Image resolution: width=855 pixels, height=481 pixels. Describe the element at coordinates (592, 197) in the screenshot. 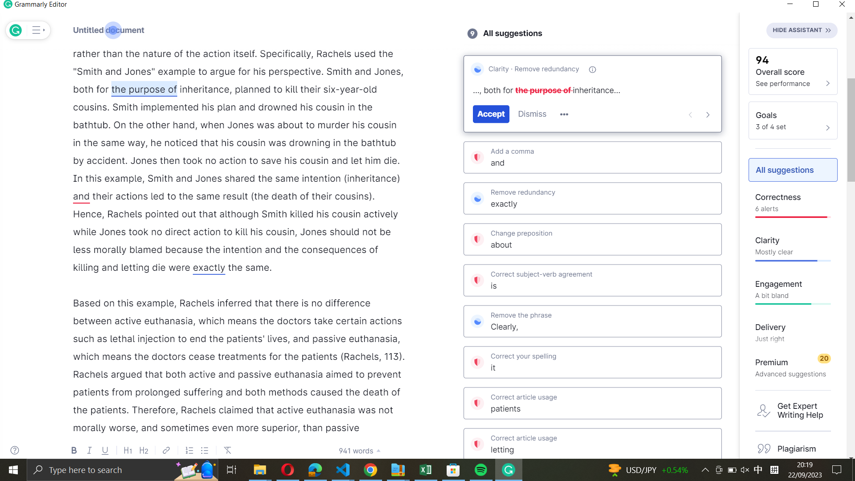

I see `Accept Grammarly"s suggestion exactly as it is` at that location.